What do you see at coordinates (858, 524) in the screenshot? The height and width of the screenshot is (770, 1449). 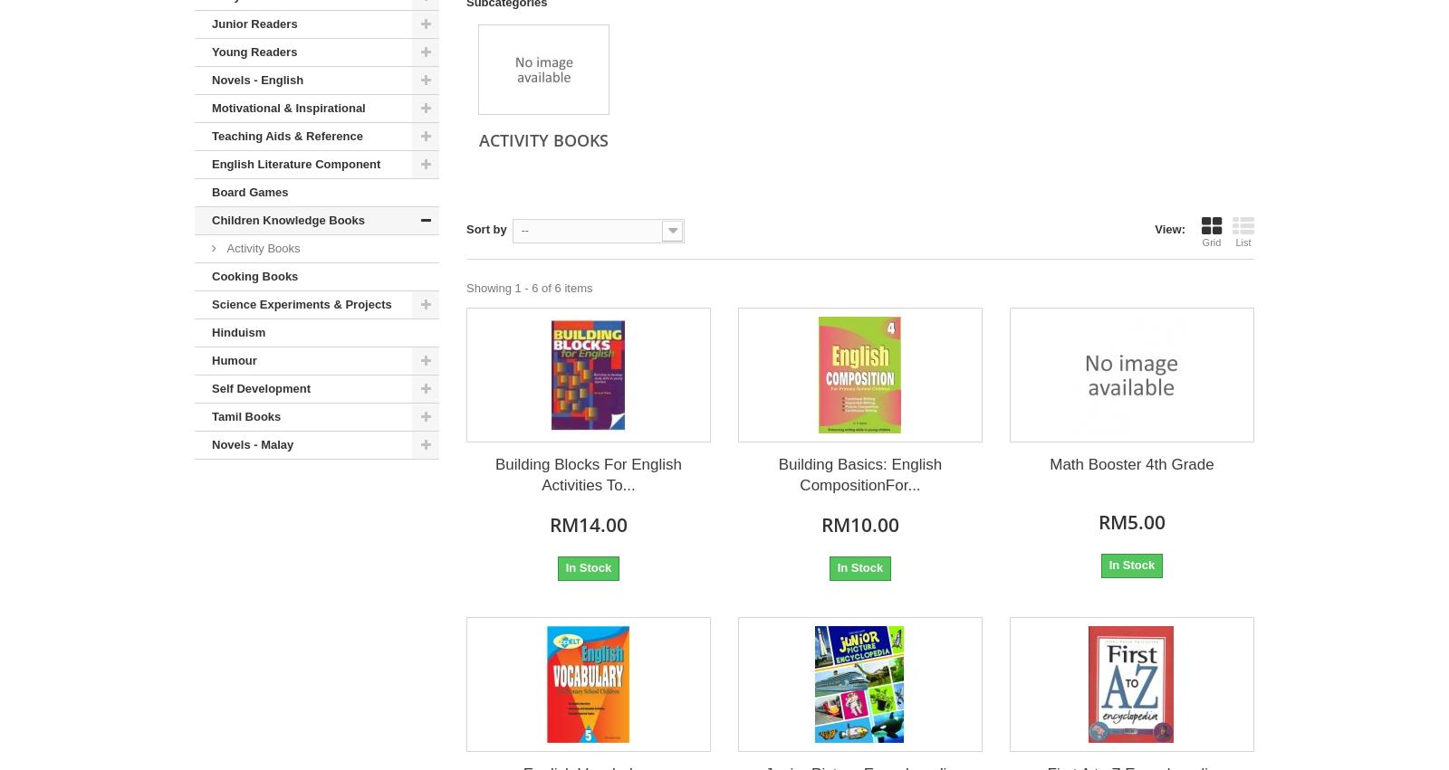 I see `'RM10.00'` at bounding box center [858, 524].